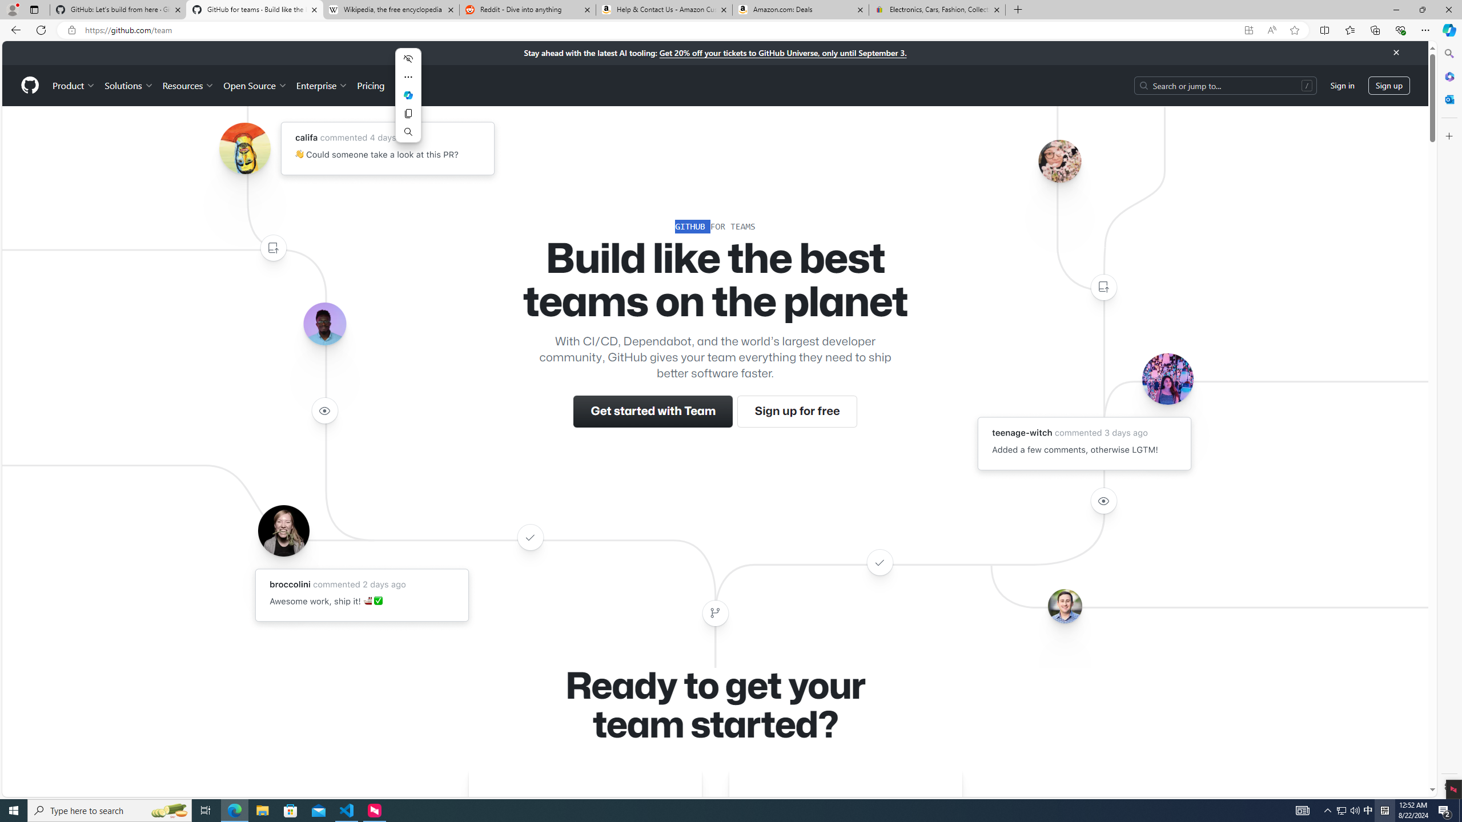 The width and height of the screenshot is (1462, 822). Describe the element at coordinates (407, 101) in the screenshot. I see `'Mini menu on text selection'` at that location.